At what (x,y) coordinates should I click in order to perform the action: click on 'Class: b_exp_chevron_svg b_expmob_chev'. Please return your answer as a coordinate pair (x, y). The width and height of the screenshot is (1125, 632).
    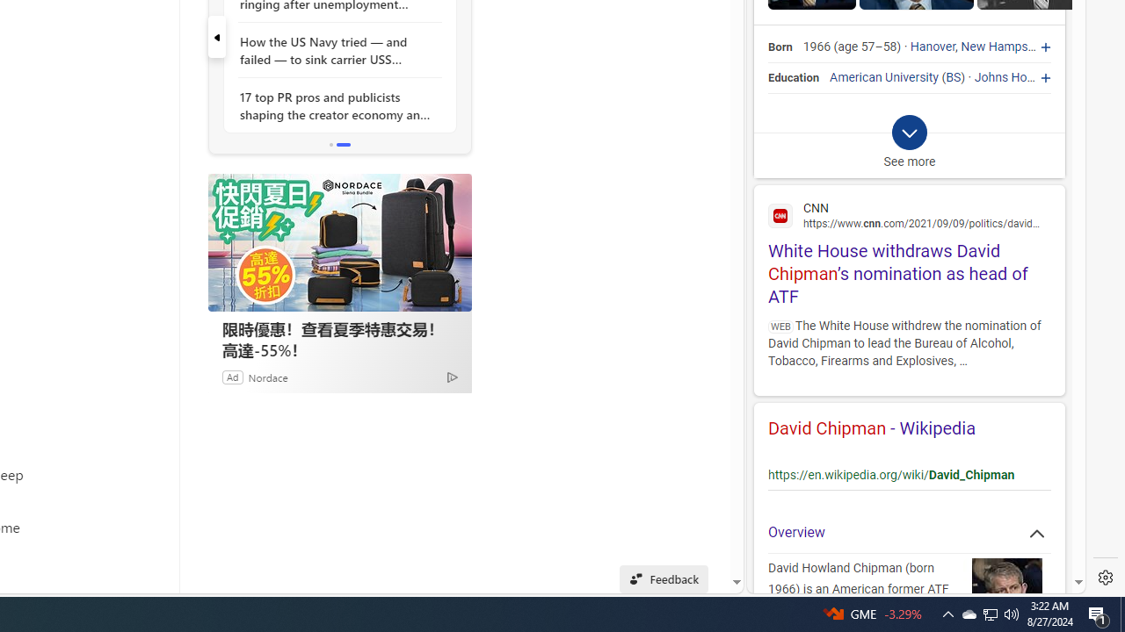
    Looking at the image, I should click on (909, 132).